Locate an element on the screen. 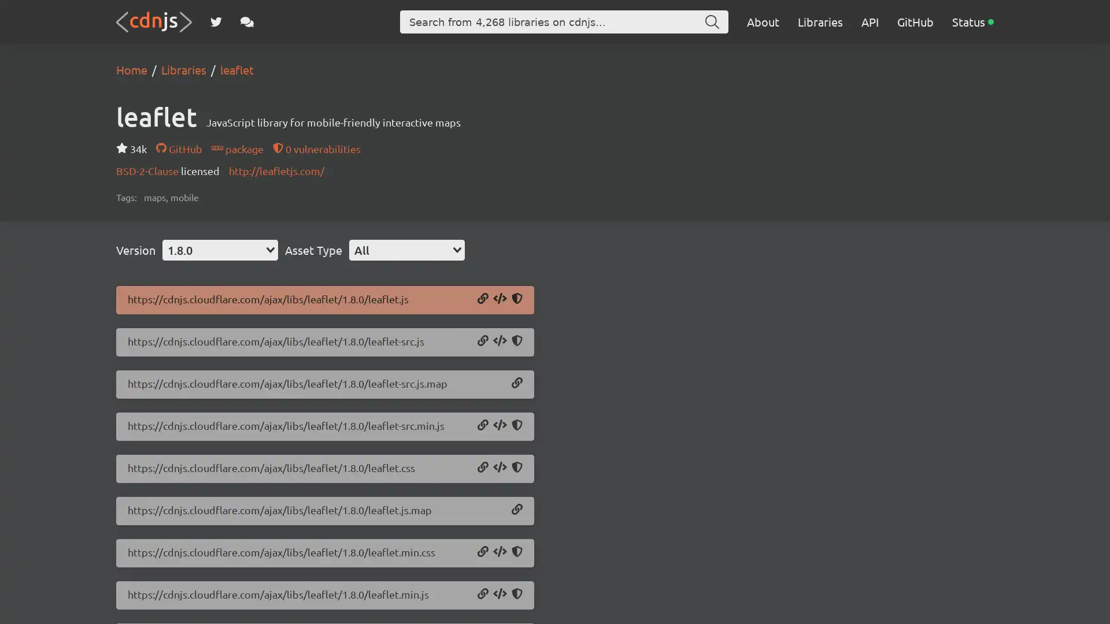  Copy URL is located at coordinates (483, 595).